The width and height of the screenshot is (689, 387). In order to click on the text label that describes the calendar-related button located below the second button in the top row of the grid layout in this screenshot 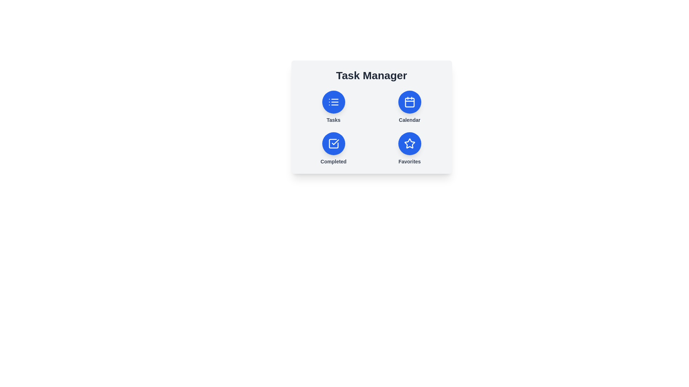, I will do `click(409, 120)`.